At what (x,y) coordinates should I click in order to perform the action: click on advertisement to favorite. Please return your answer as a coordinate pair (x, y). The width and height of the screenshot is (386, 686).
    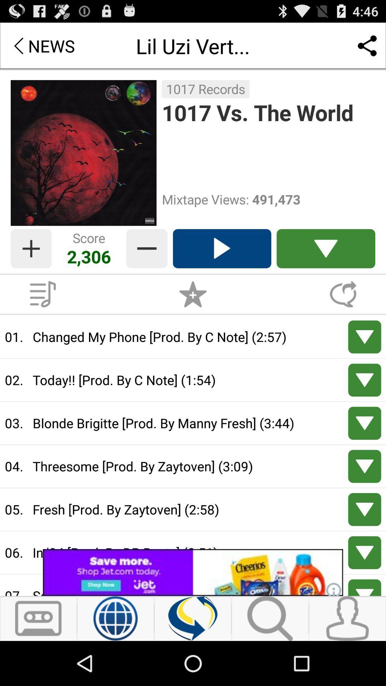
    Looking at the image, I should click on (193, 294).